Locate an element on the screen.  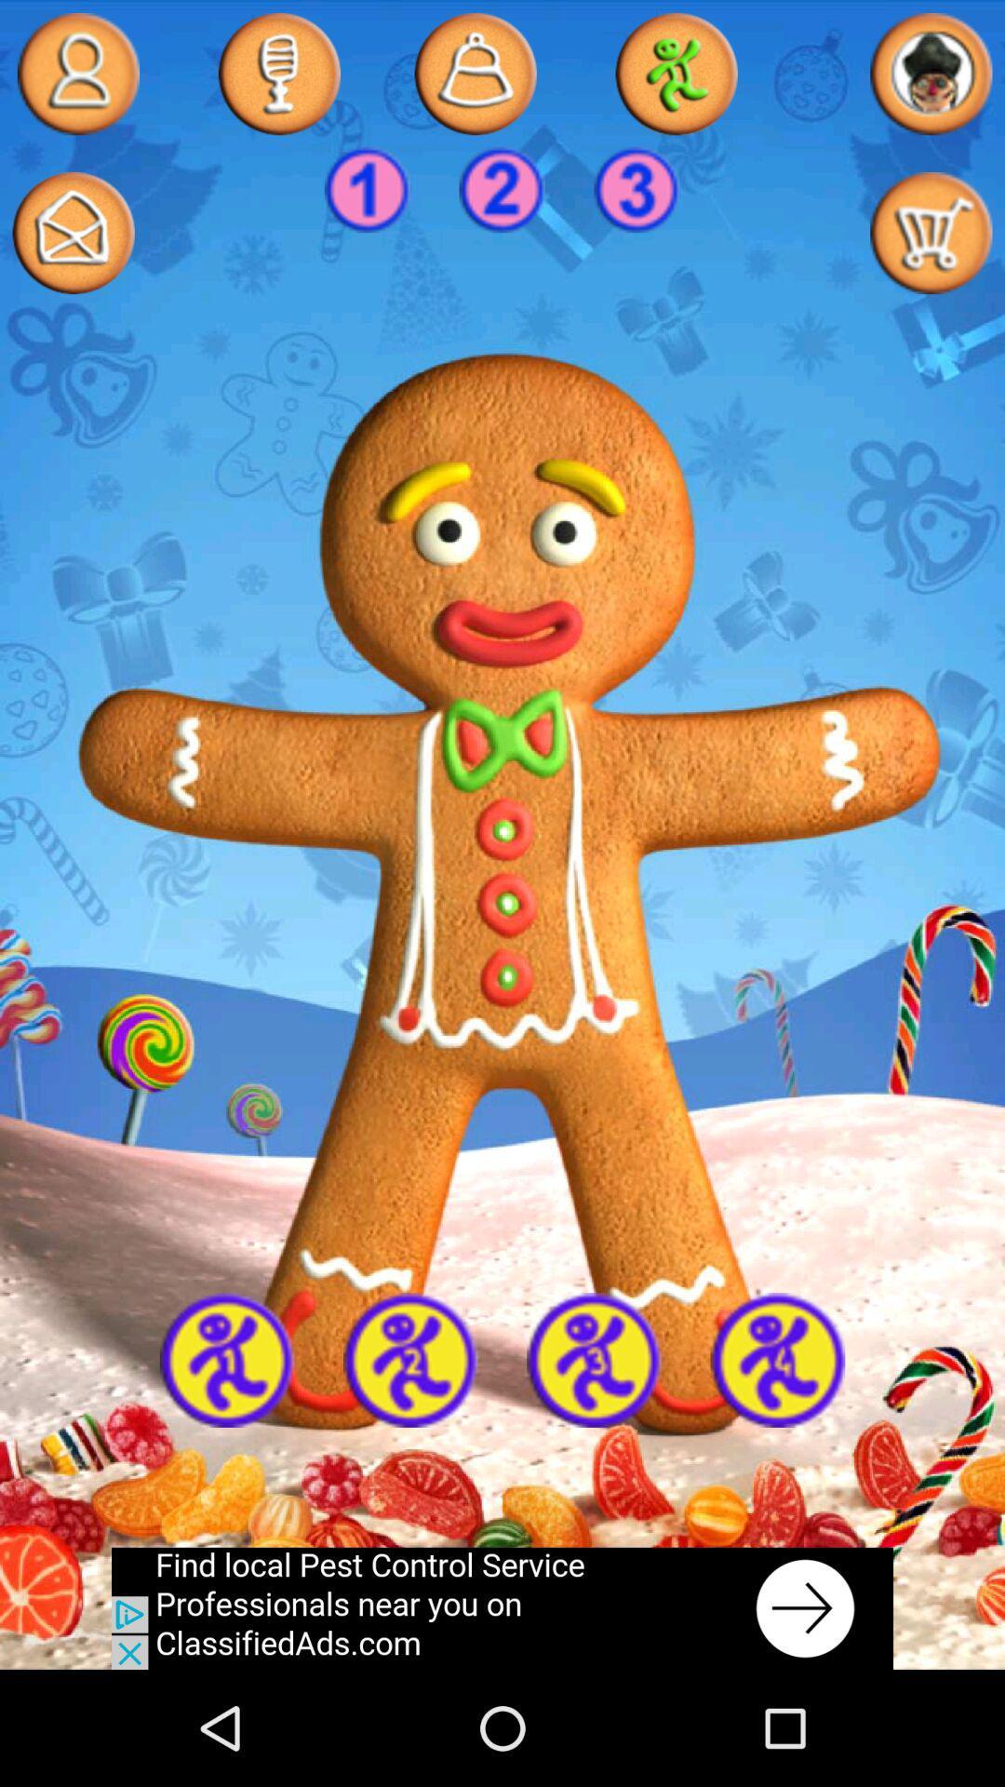
the notifications icon is located at coordinates (475, 77).